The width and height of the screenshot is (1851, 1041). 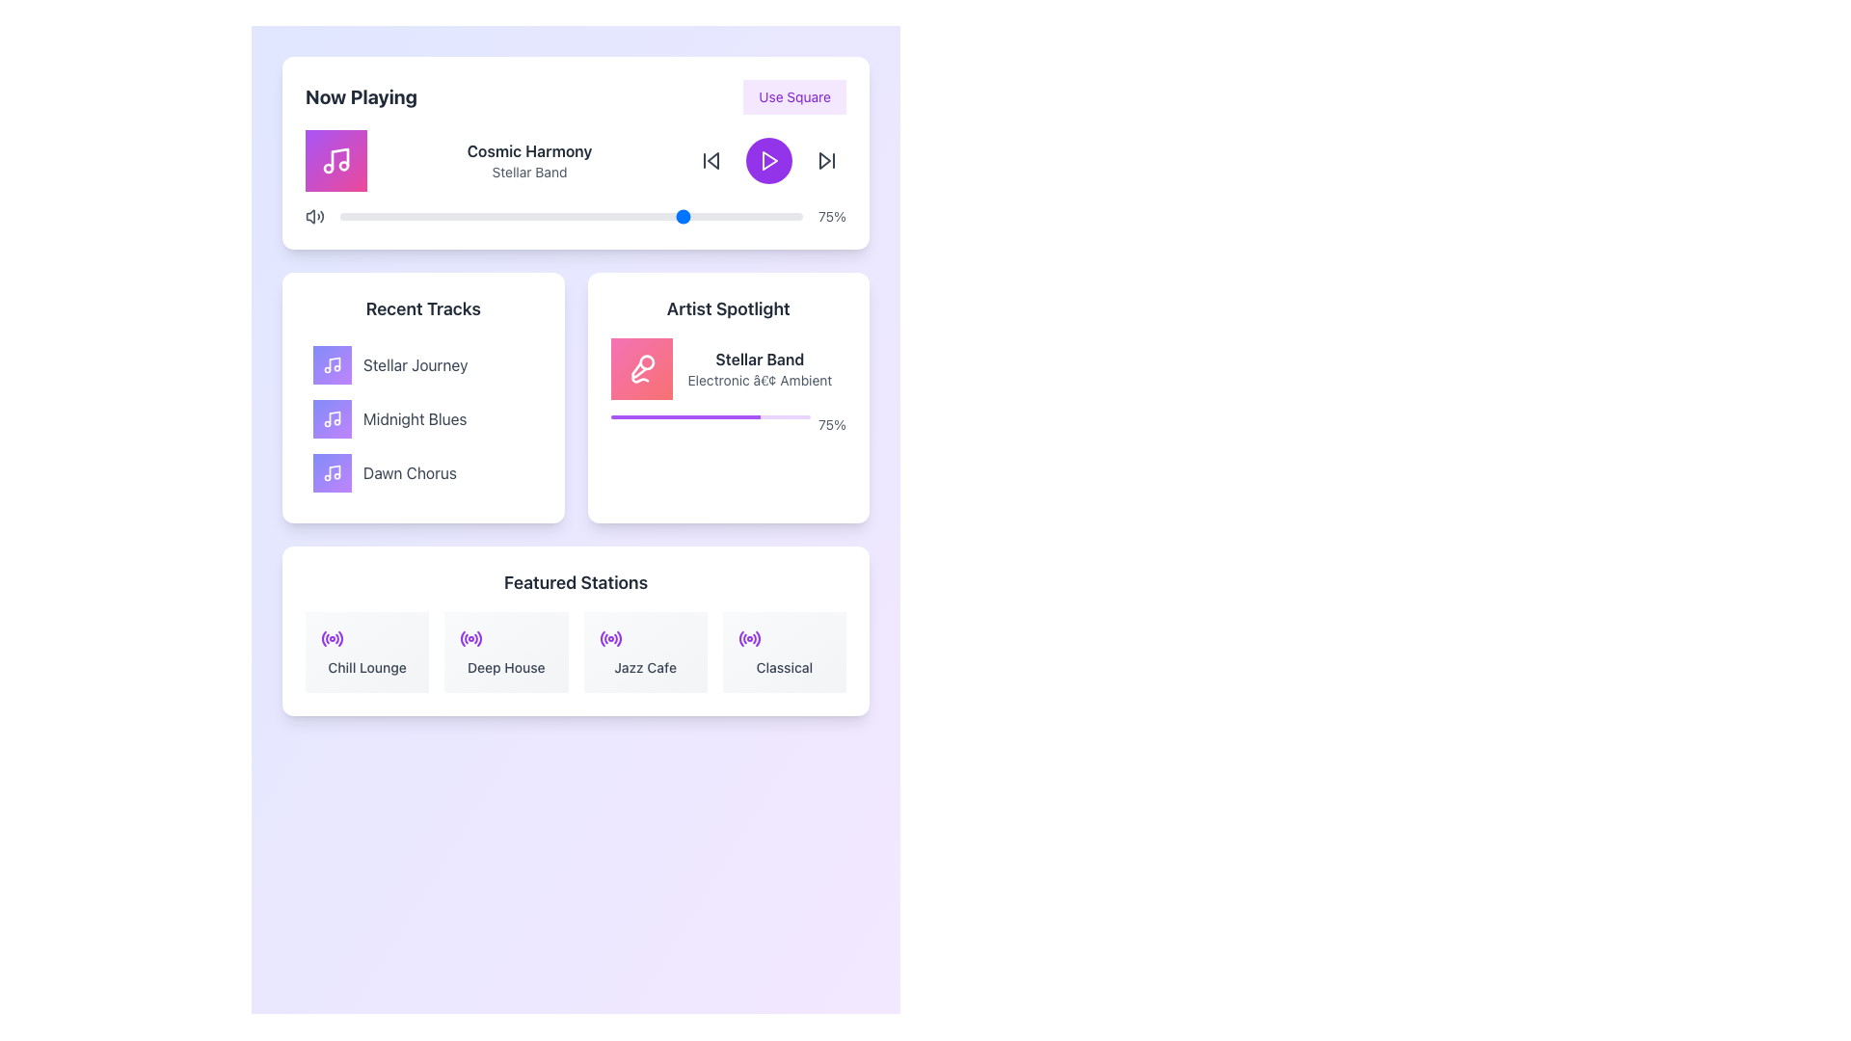 I want to click on the slider, so click(x=417, y=216).